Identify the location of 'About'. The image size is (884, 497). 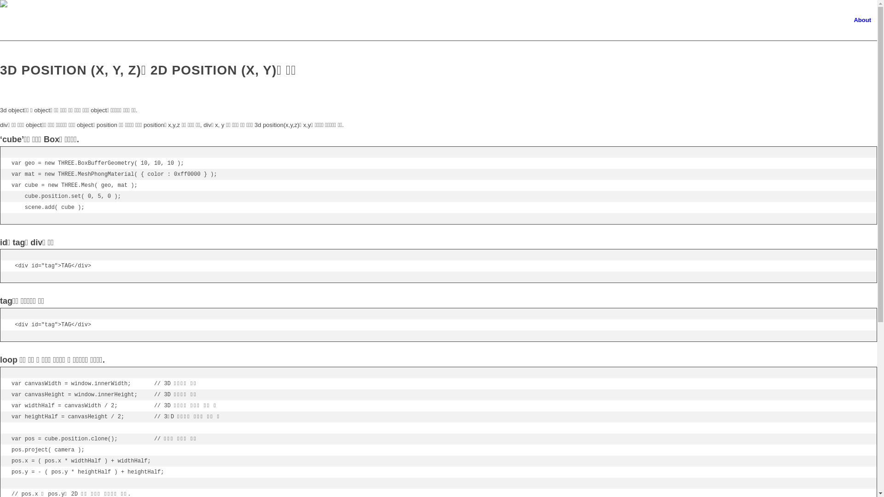
(861, 20).